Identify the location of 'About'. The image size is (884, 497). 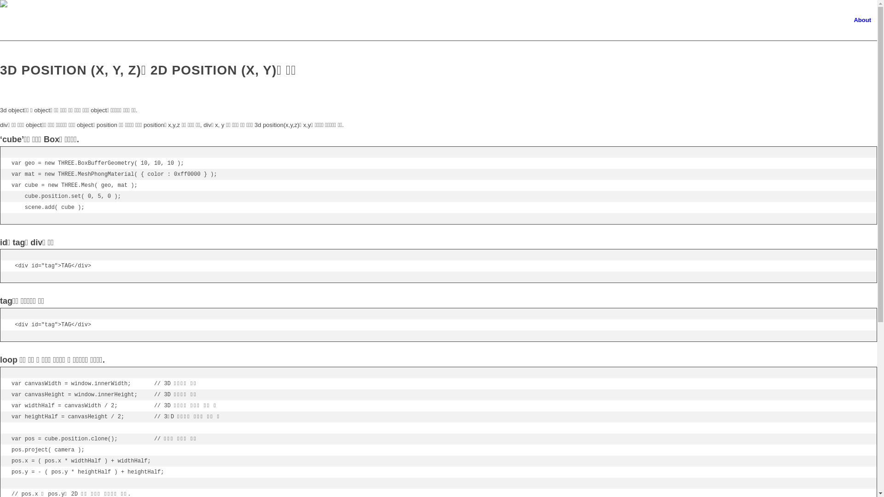
(861, 20).